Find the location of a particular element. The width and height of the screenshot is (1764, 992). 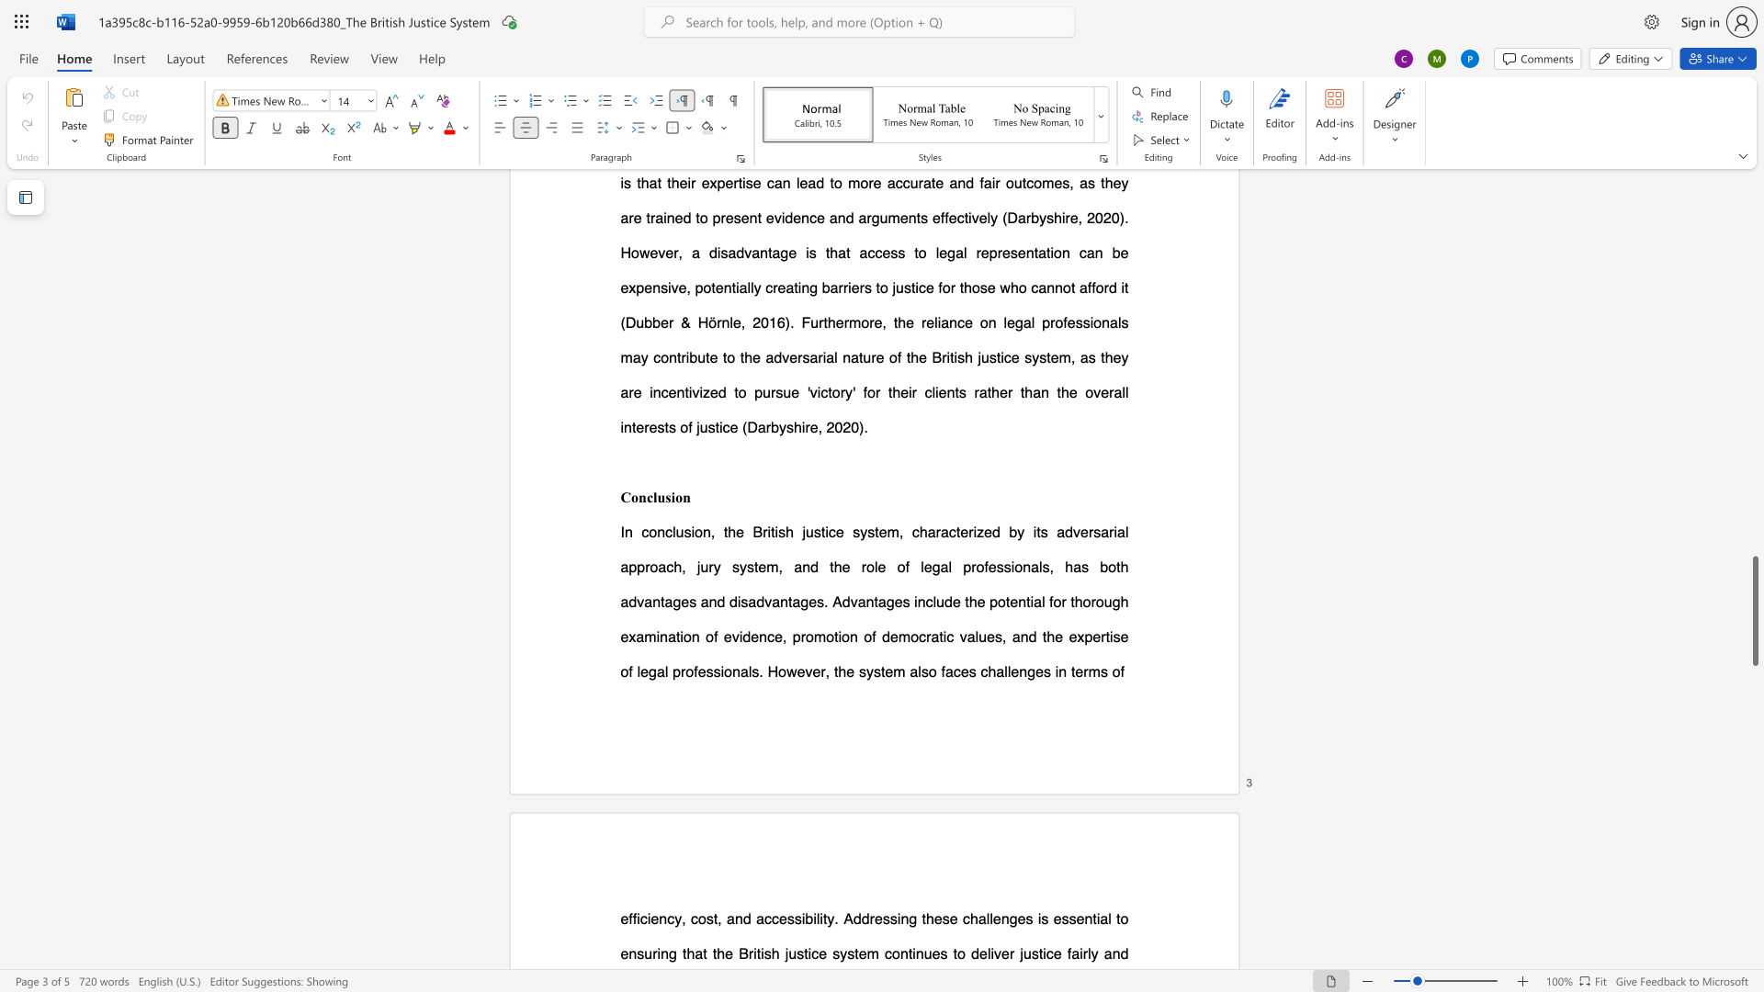

the scrollbar on the side is located at coordinates (1754, 329).